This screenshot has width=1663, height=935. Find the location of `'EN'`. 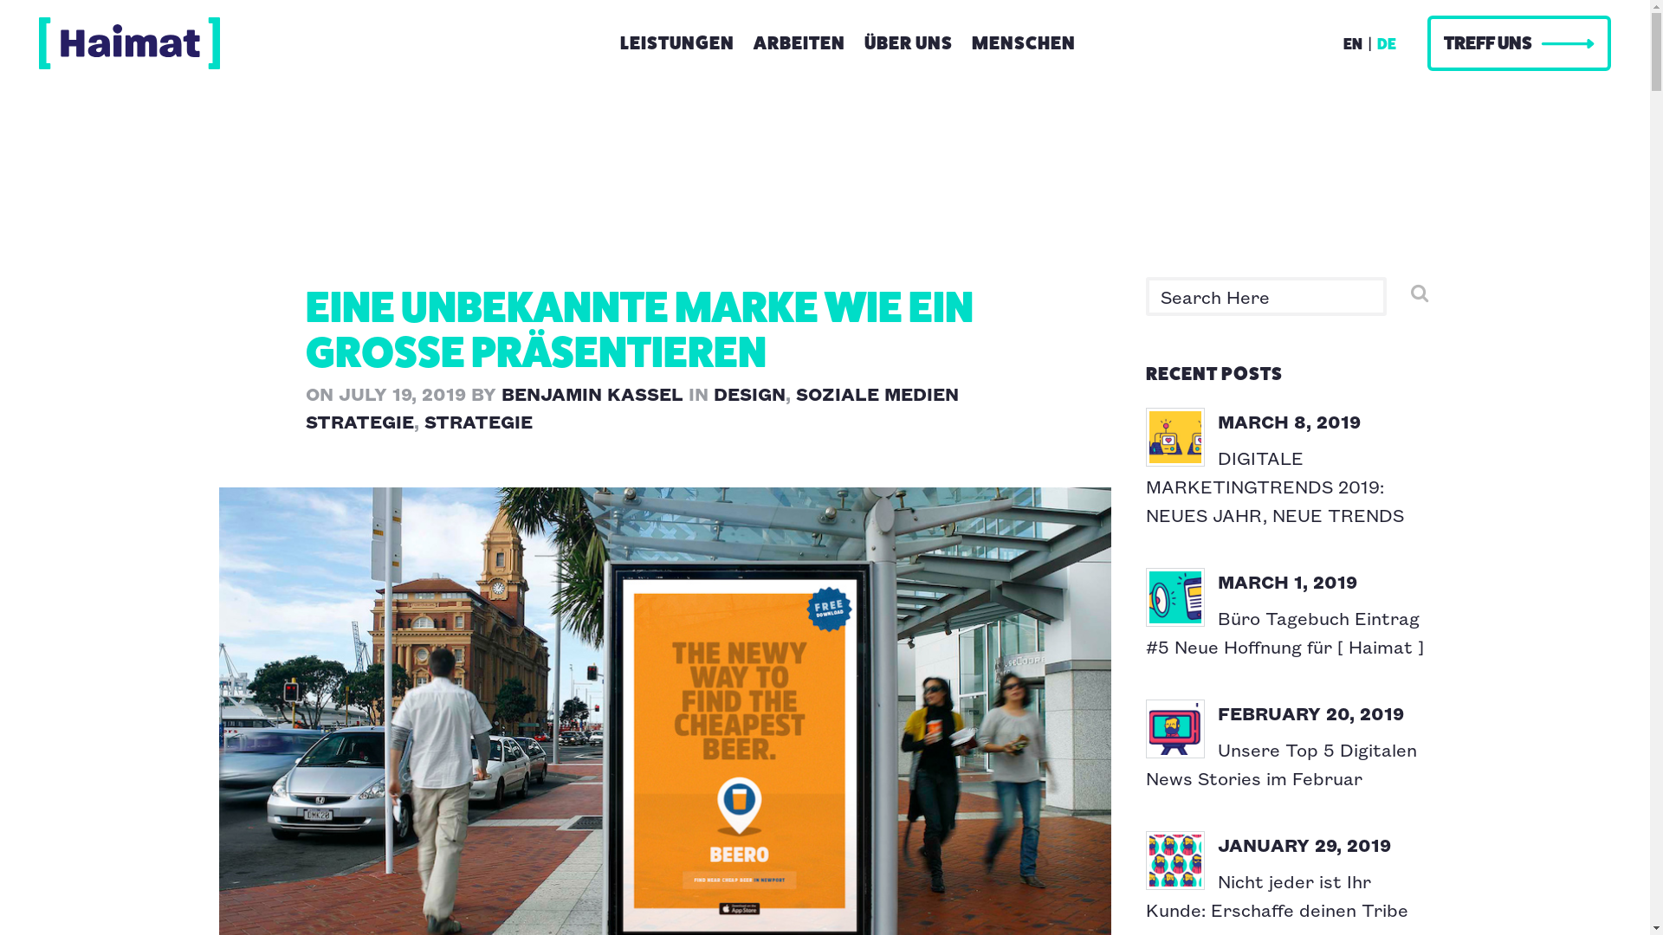

'EN' is located at coordinates (1351, 42).